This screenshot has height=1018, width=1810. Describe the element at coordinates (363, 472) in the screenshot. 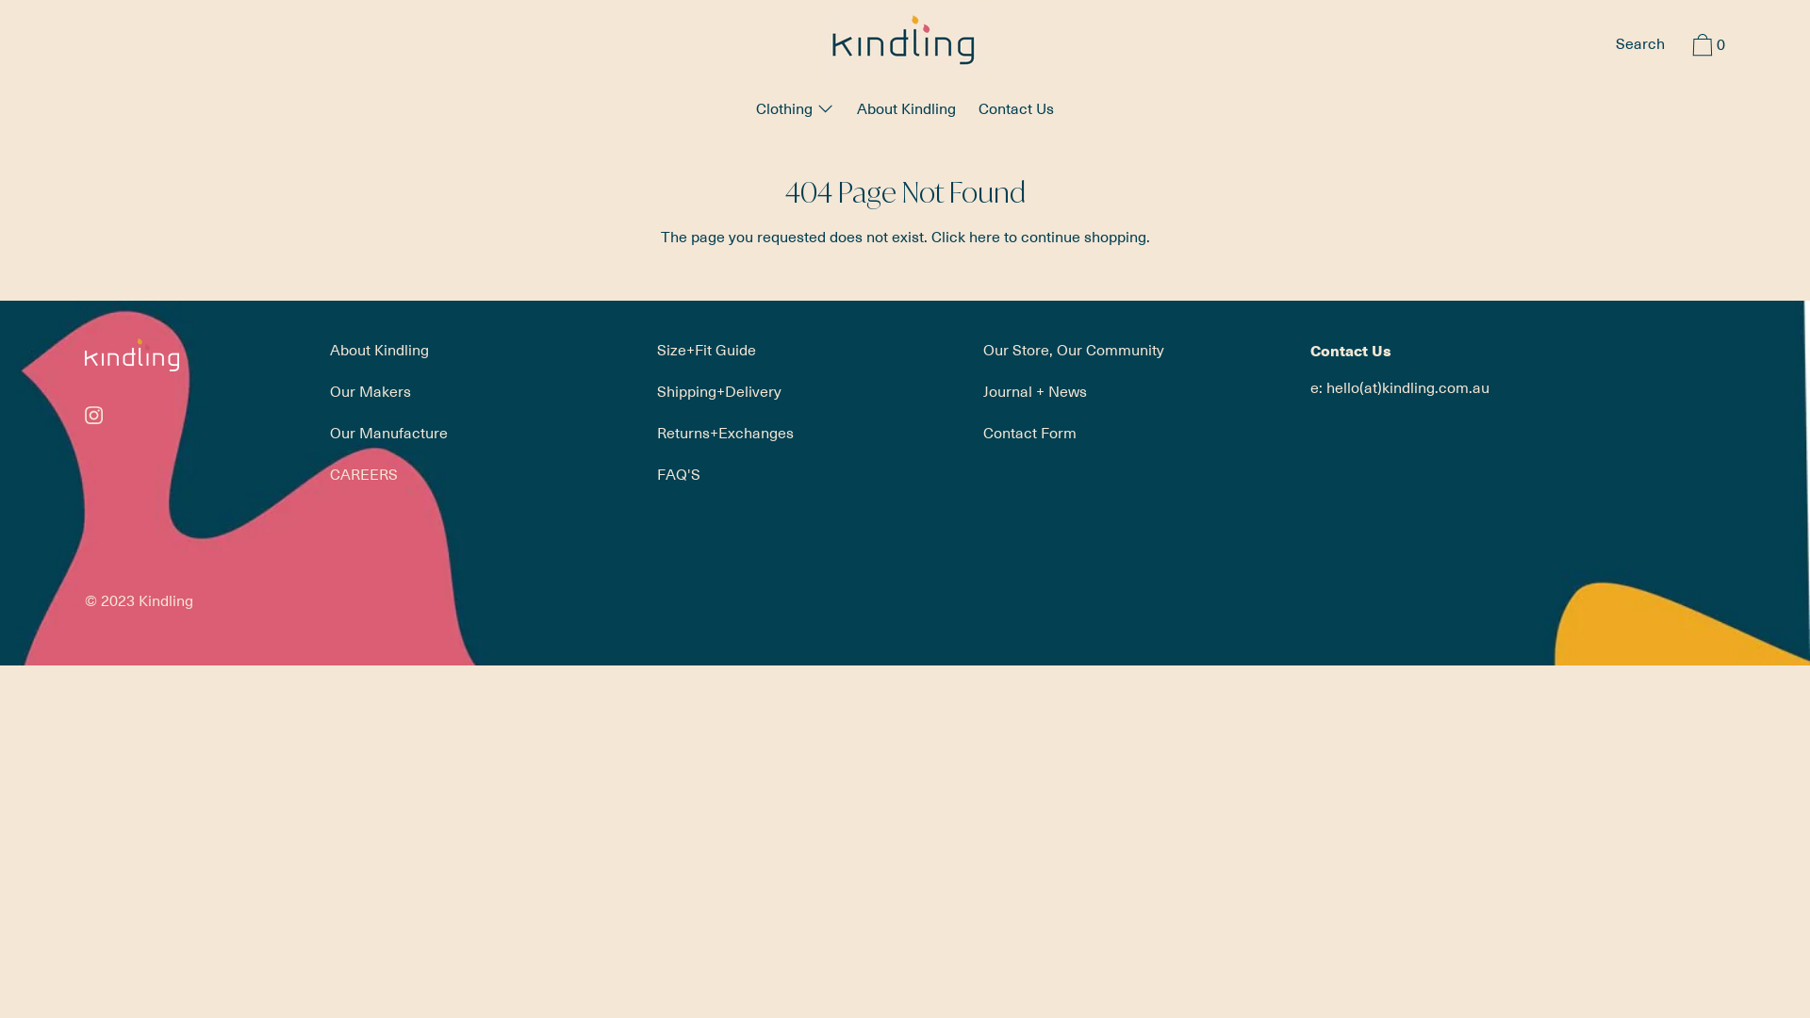

I see `'CAREERS'` at that location.